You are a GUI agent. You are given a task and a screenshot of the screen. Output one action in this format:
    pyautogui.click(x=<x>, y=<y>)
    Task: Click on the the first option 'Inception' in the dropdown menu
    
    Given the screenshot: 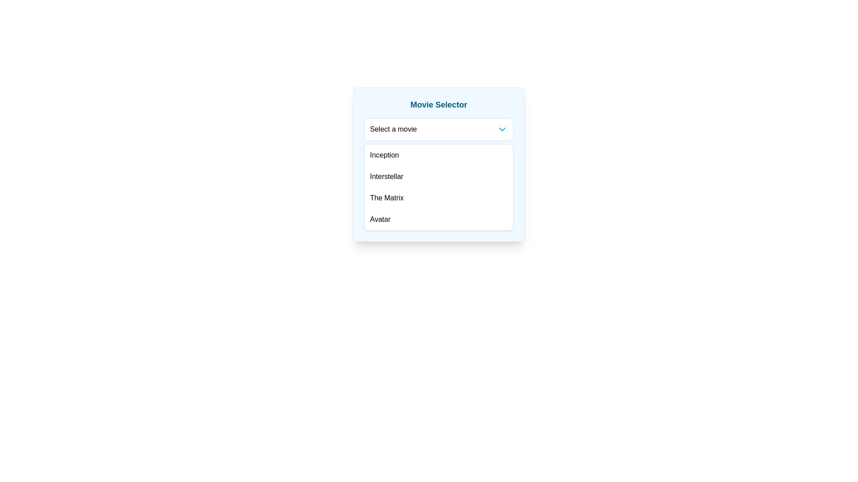 What is the action you would take?
    pyautogui.click(x=384, y=154)
    